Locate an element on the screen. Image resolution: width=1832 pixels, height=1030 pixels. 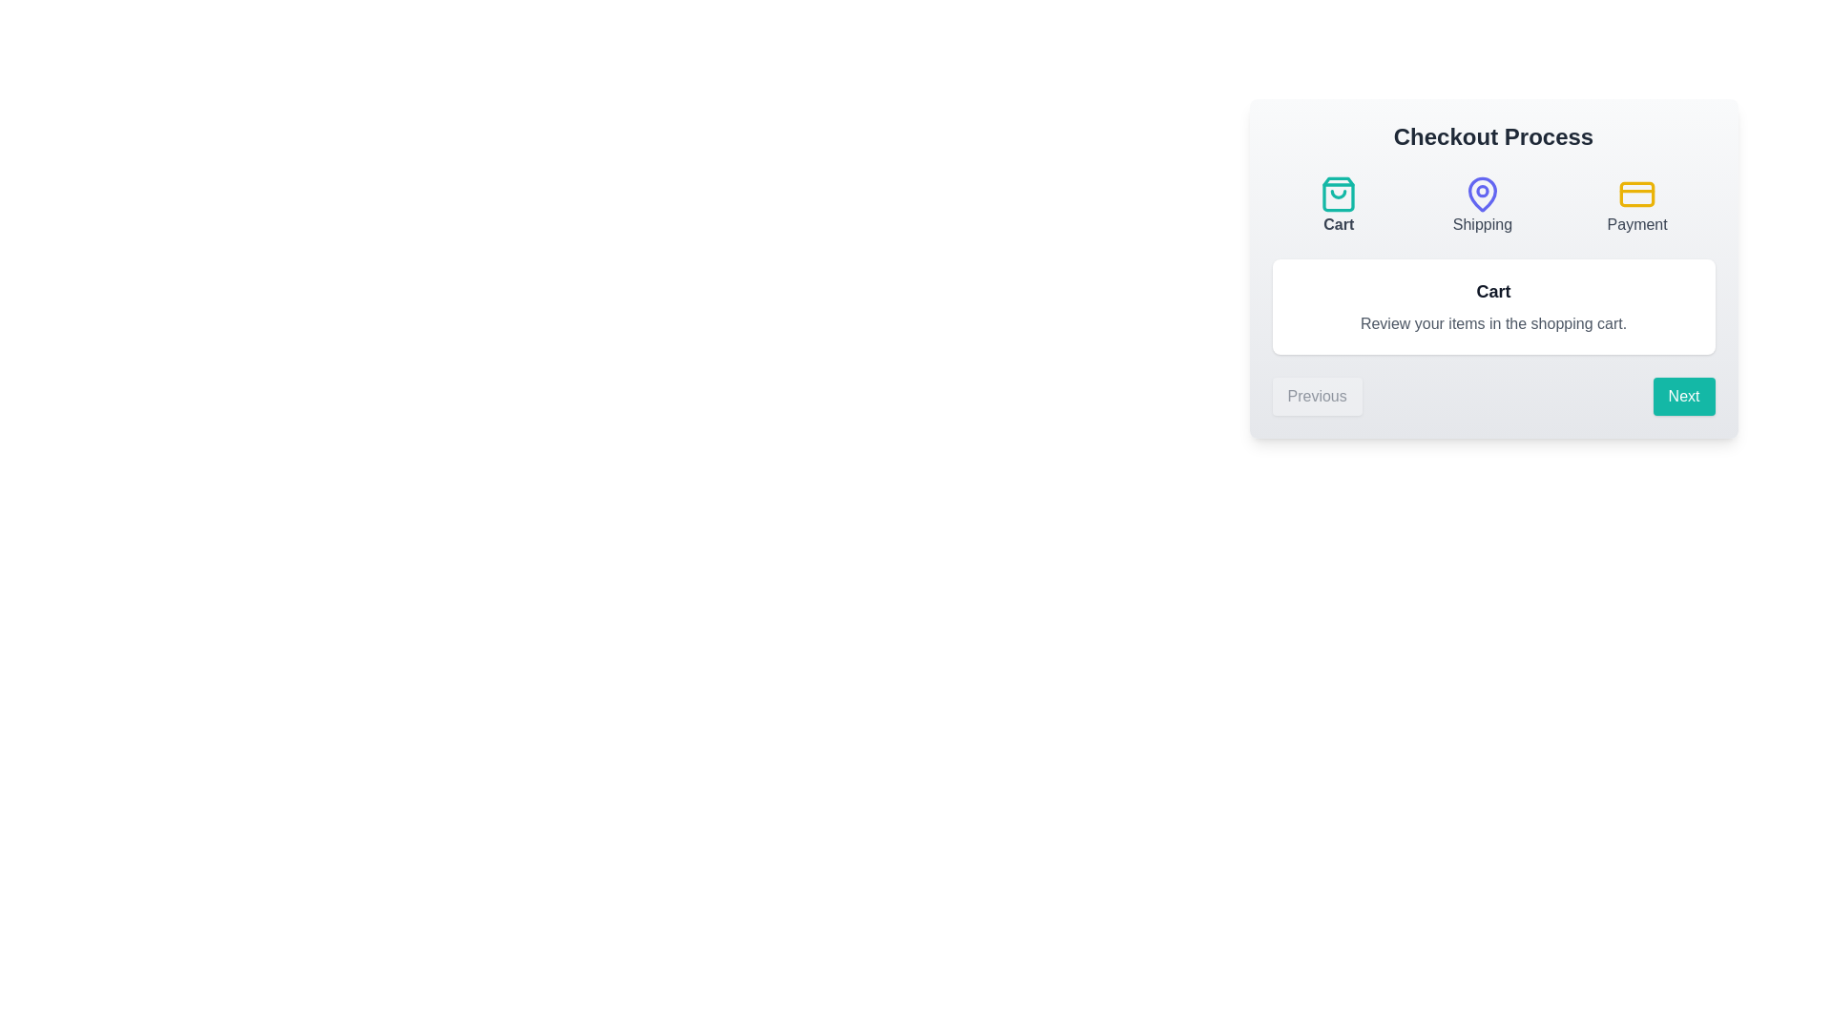
the step Cart by clicking on its corresponding button is located at coordinates (1338, 206).